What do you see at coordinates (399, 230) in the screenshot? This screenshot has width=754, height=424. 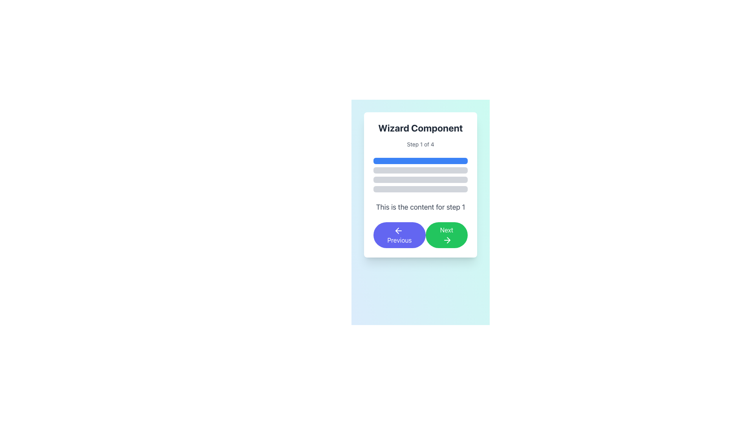 I see `the left-pointing arrow icon inside the 'Previous' button` at bounding box center [399, 230].